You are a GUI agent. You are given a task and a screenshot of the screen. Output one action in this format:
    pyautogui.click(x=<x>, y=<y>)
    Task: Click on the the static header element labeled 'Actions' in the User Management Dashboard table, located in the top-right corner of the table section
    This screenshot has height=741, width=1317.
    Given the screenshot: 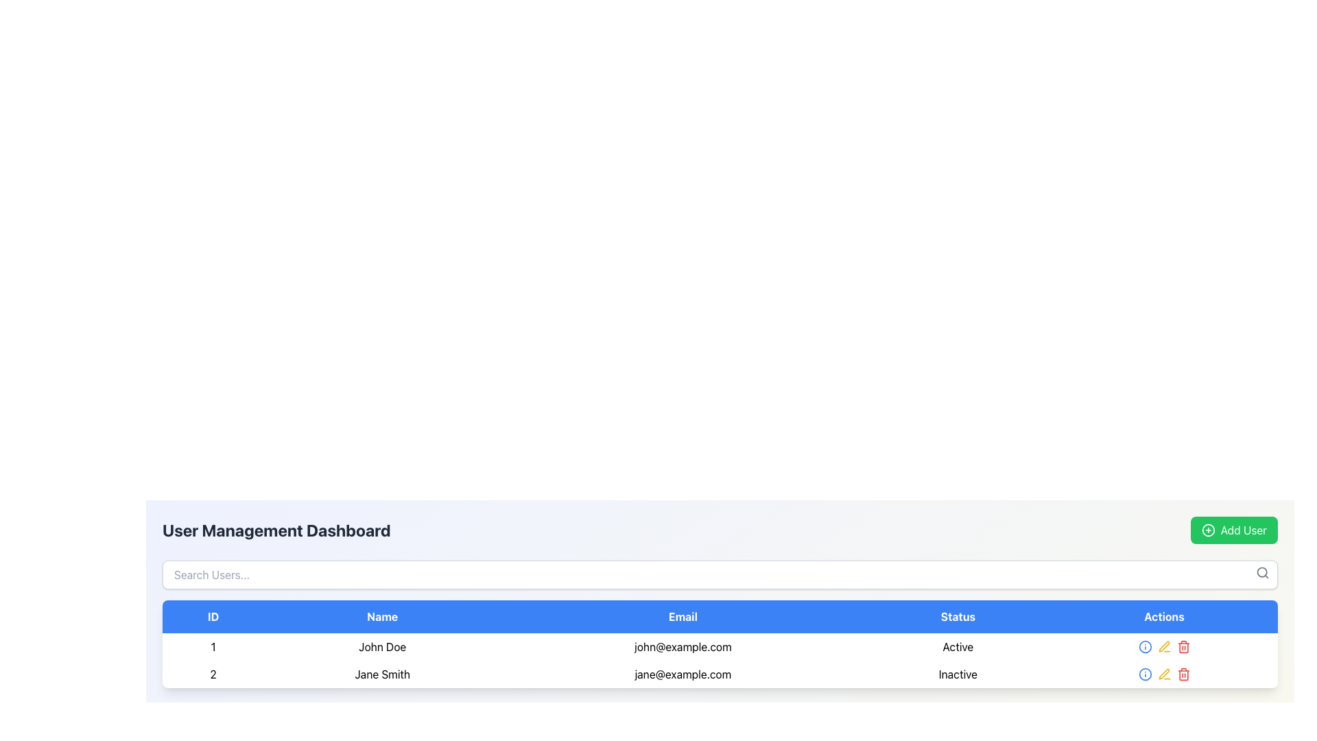 What is the action you would take?
    pyautogui.click(x=1163, y=615)
    